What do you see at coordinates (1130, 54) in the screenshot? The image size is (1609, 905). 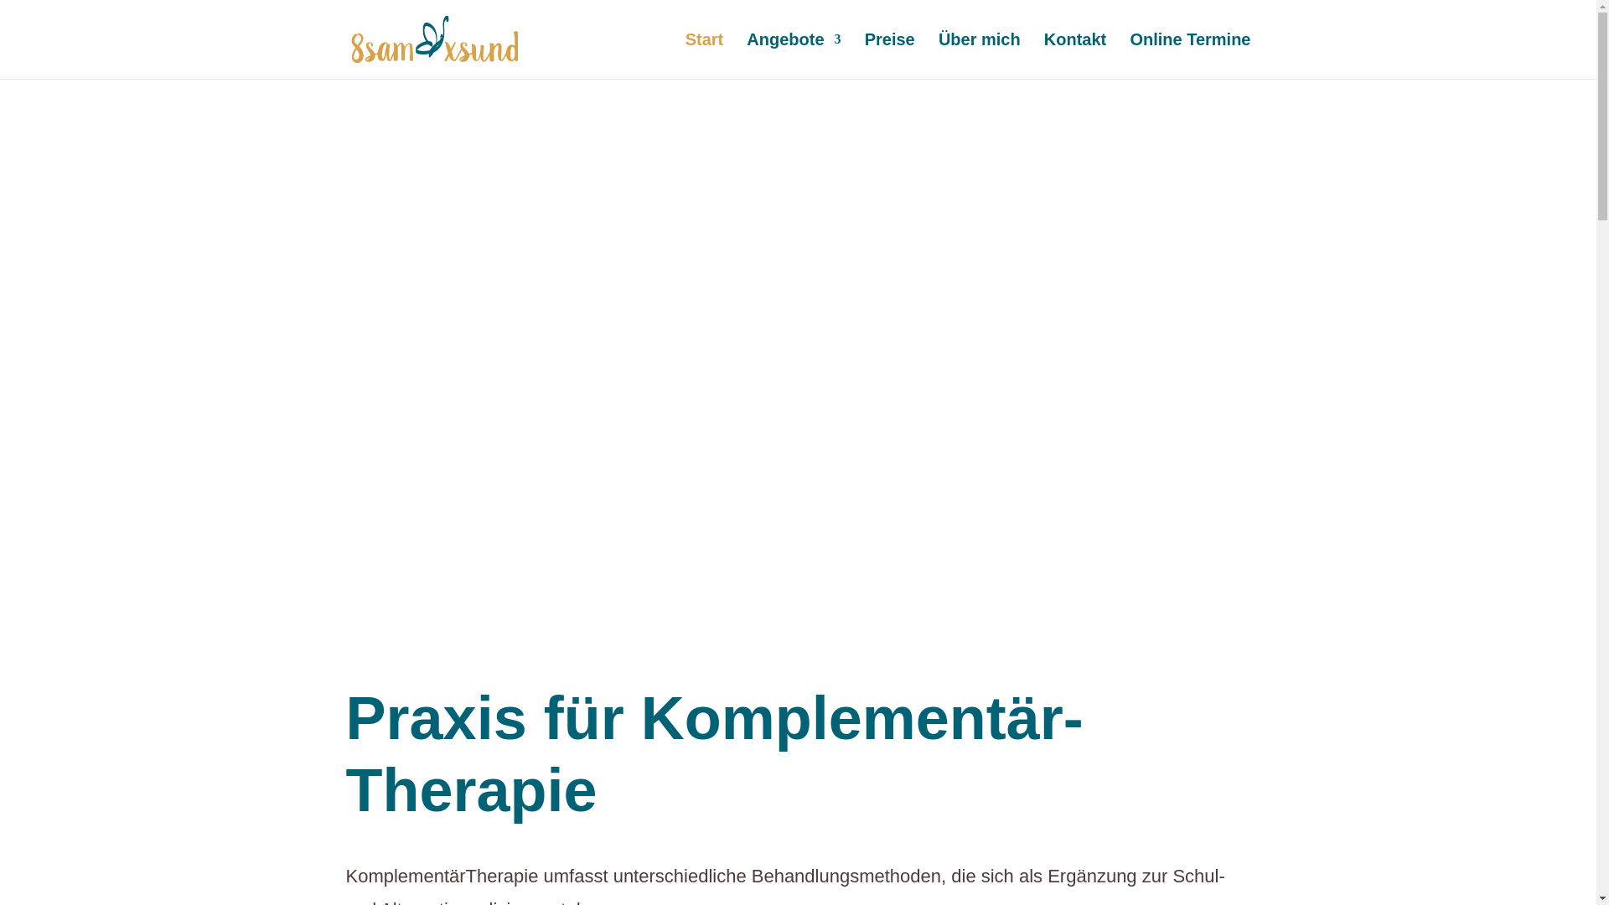 I see `'Online Termine'` at bounding box center [1130, 54].